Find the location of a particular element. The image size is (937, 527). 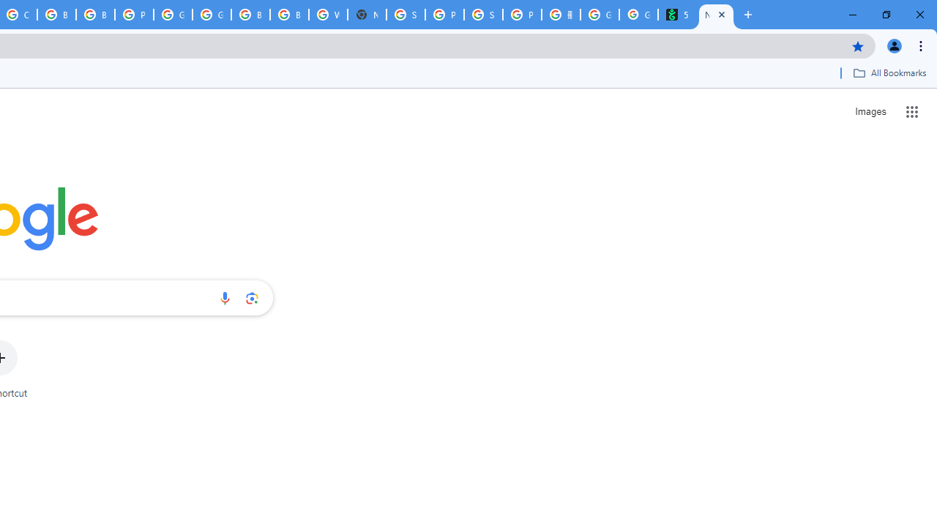

'Browse Chrome as a guest - Computer - Google Chrome Help' is located at coordinates (56, 15).